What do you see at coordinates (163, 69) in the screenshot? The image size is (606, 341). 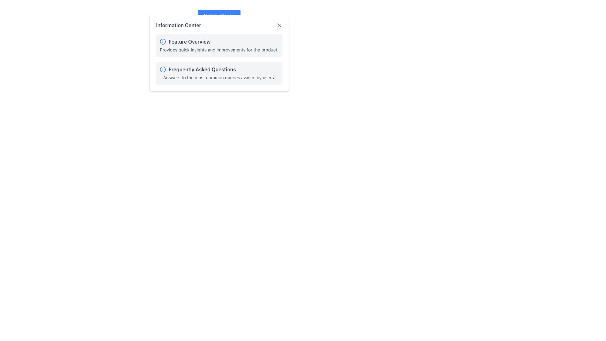 I see `the blue circular information icon located to the left of the 'Frequently Asked Questions' text in the 'Information Center' modal` at bounding box center [163, 69].